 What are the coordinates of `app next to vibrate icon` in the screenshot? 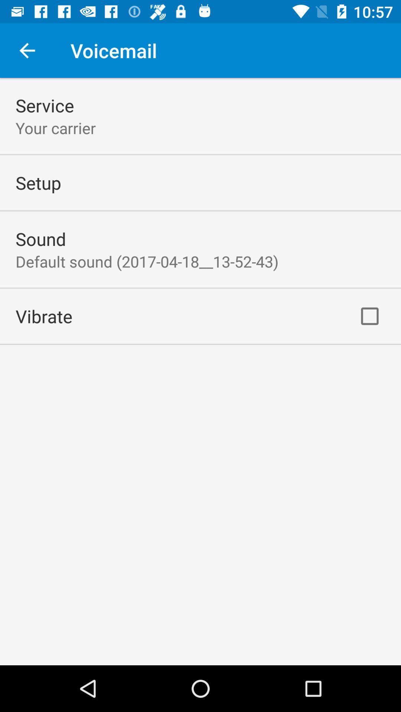 It's located at (369, 316).